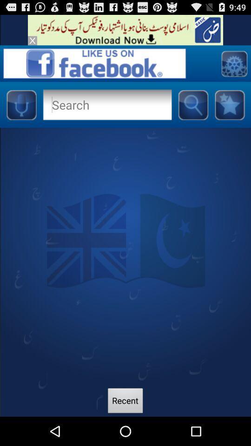  What do you see at coordinates (125, 30) in the screenshot?
I see `visit banner advertisement` at bounding box center [125, 30].